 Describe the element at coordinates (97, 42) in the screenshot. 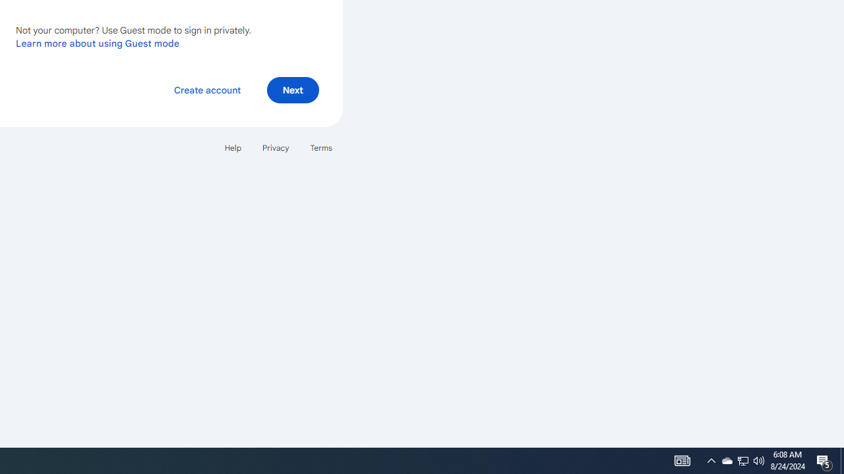

I see `'Learn more about using Guest mode'` at that location.